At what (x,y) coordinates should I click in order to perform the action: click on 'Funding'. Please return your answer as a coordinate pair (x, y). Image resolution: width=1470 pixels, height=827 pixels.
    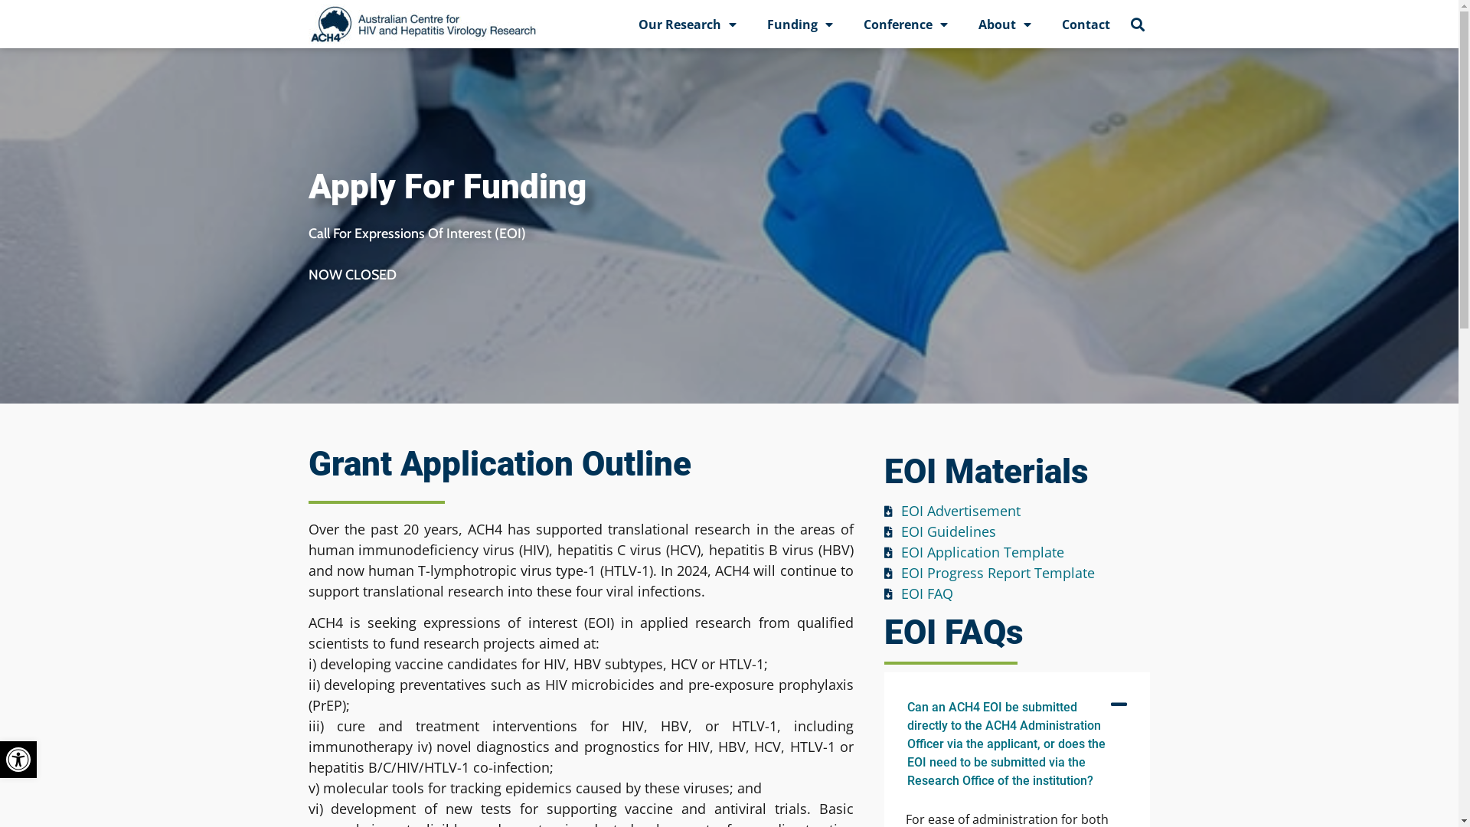
    Looking at the image, I should click on (799, 24).